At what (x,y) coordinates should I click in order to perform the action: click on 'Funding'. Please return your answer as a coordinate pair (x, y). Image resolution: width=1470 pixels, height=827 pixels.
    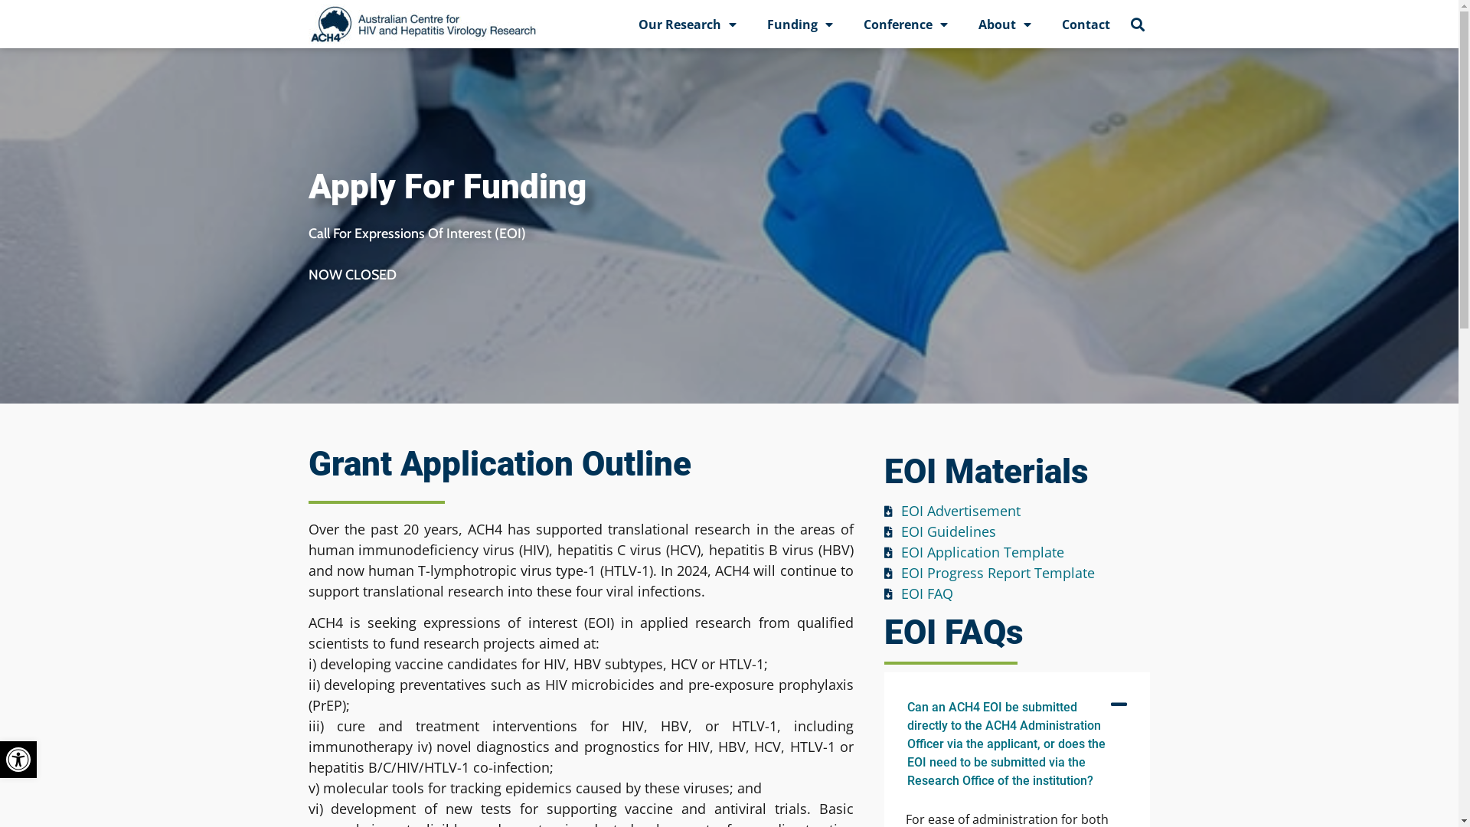
    Looking at the image, I should click on (799, 24).